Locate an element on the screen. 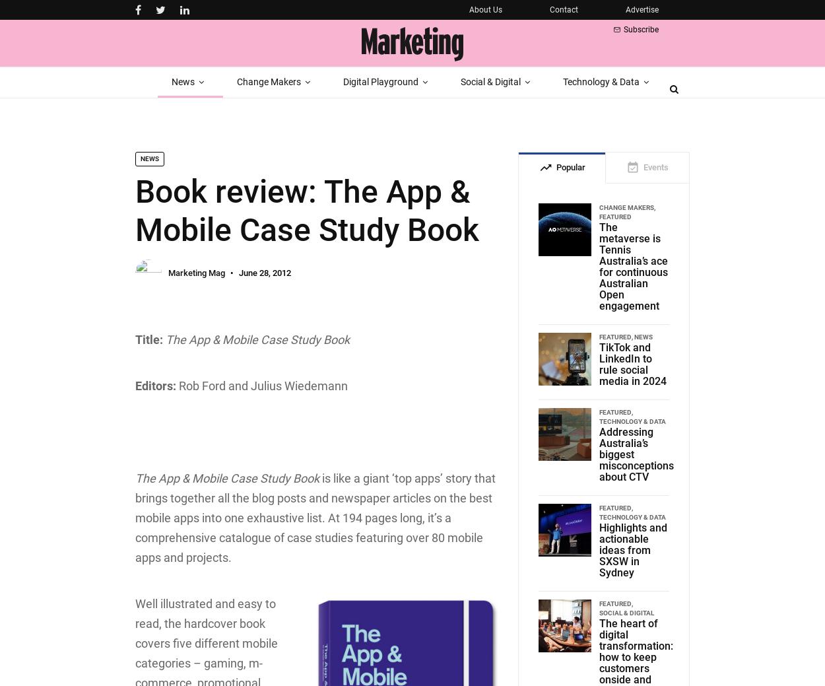  'Popular' is located at coordinates (570, 167).